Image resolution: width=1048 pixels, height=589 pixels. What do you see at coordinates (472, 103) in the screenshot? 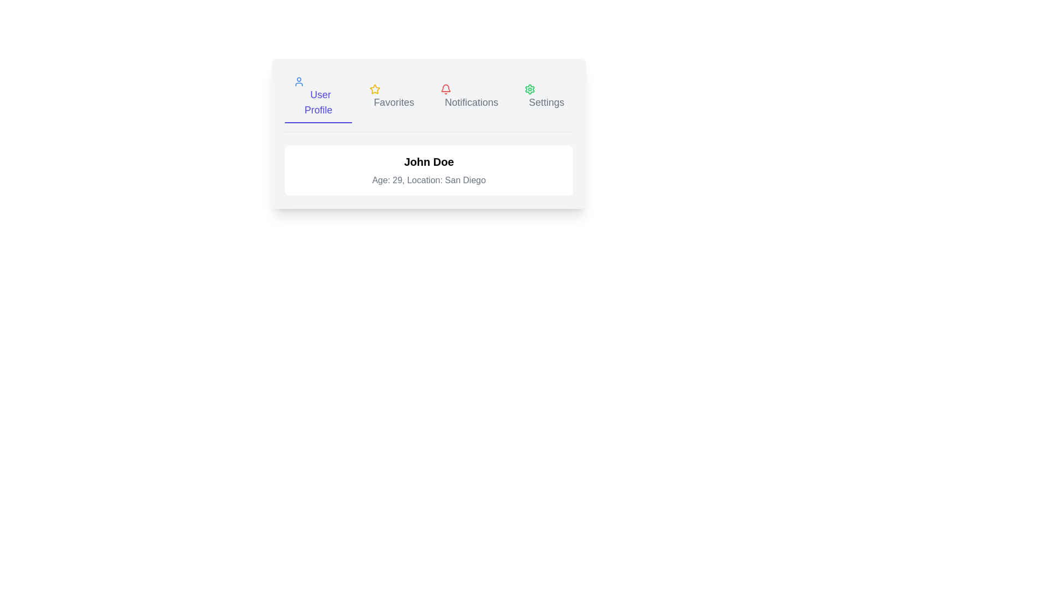
I see `the text content of the 'Notifications' label located in the navigation bar, which is centered above the user profile section` at bounding box center [472, 103].